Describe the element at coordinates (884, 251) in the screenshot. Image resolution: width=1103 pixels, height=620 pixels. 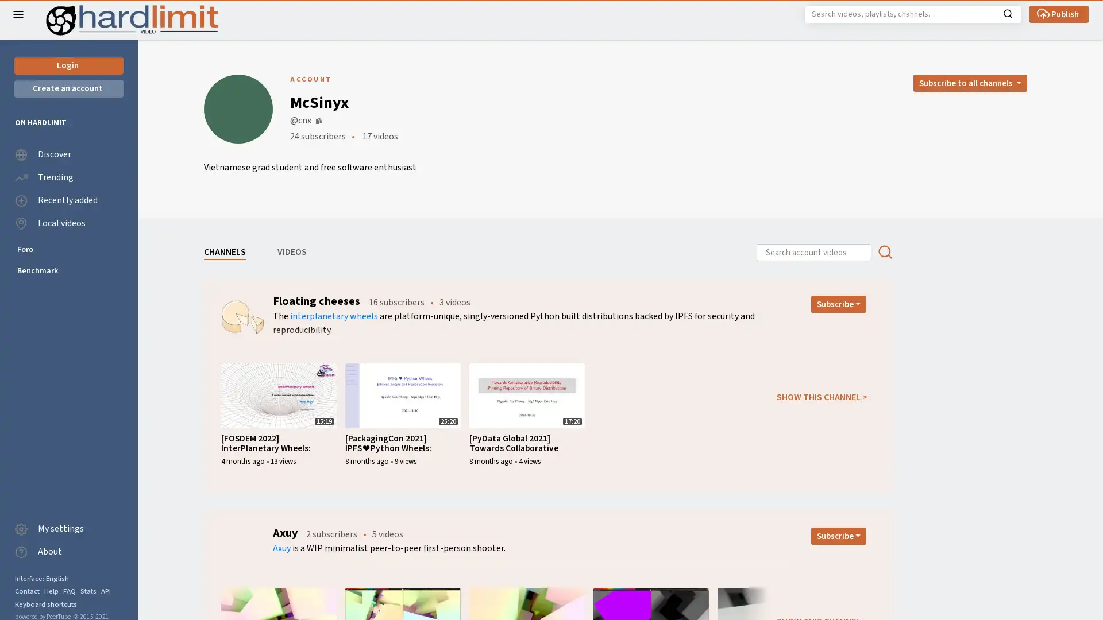
I see `Search` at that location.